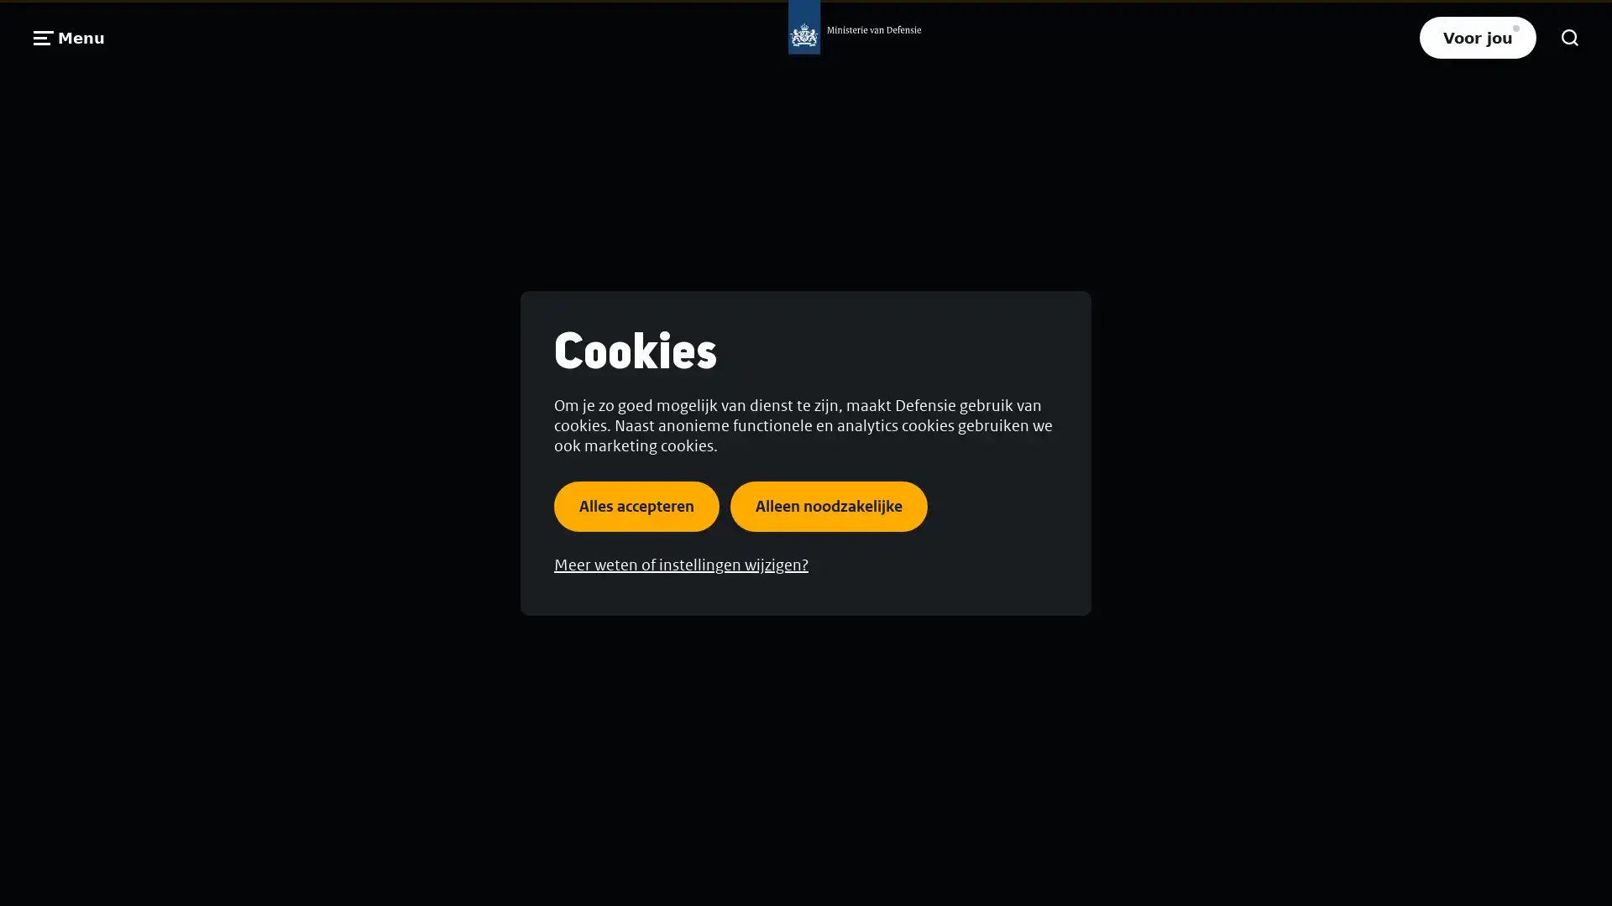  What do you see at coordinates (68, 37) in the screenshot?
I see `Menu openen` at bounding box center [68, 37].